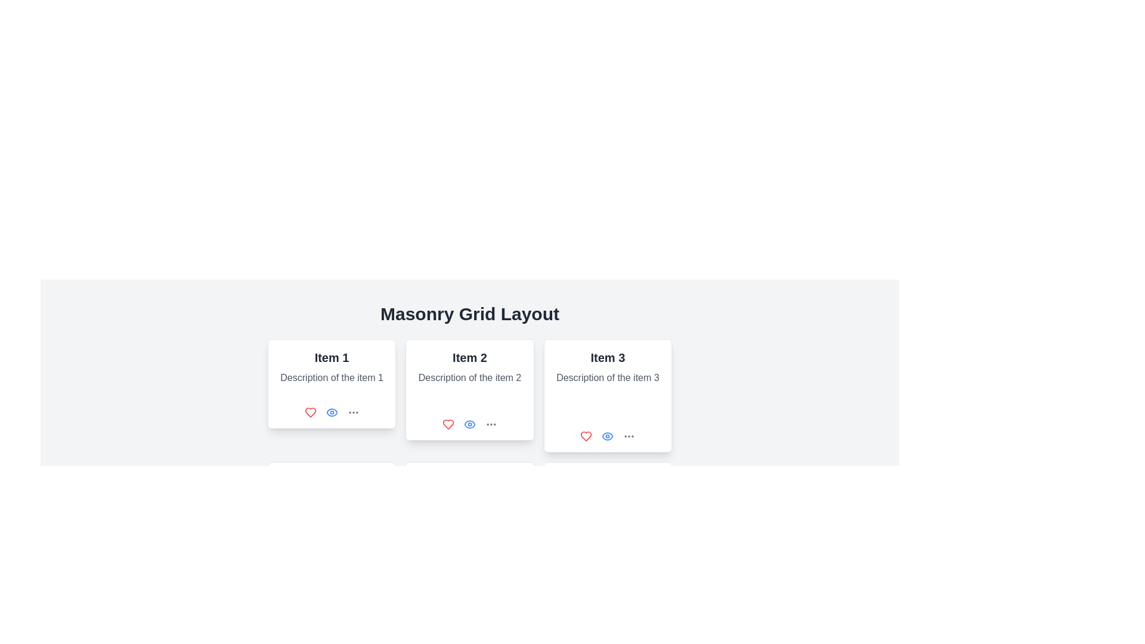 This screenshot has width=1145, height=644. I want to click on the 'Item 3' text label, so click(608, 357).